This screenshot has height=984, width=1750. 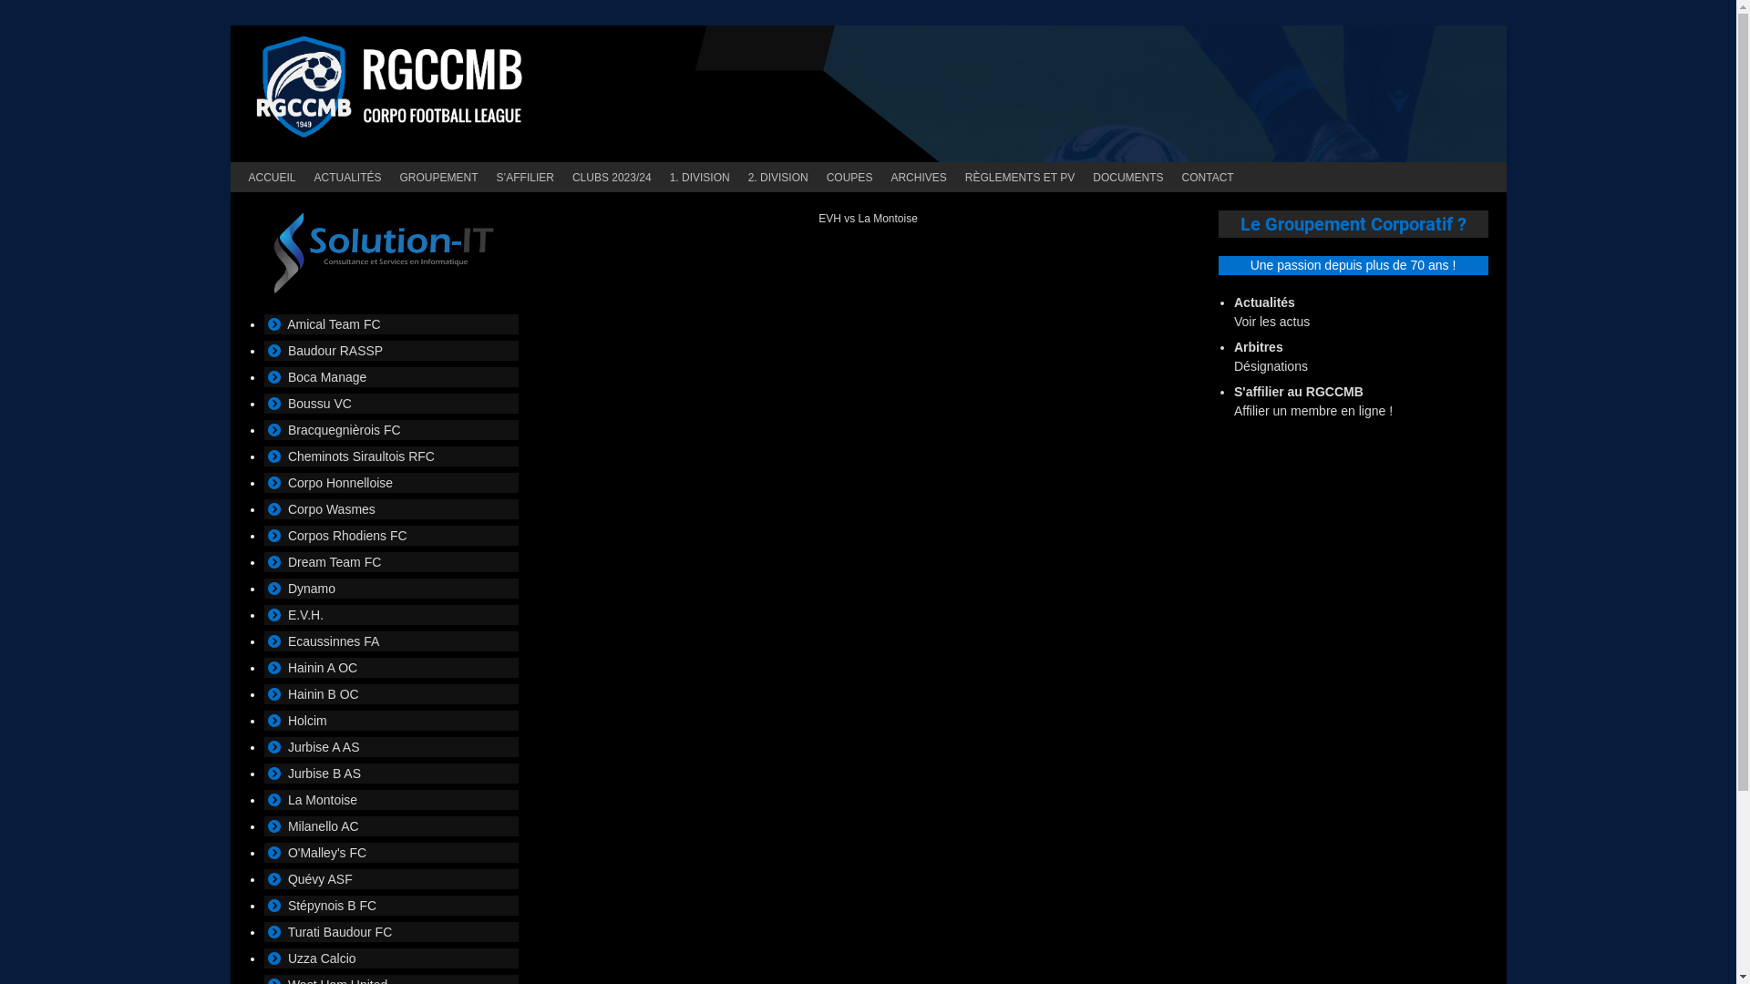 What do you see at coordinates (327, 375) in the screenshot?
I see `'Boca Manage'` at bounding box center [327, 375].